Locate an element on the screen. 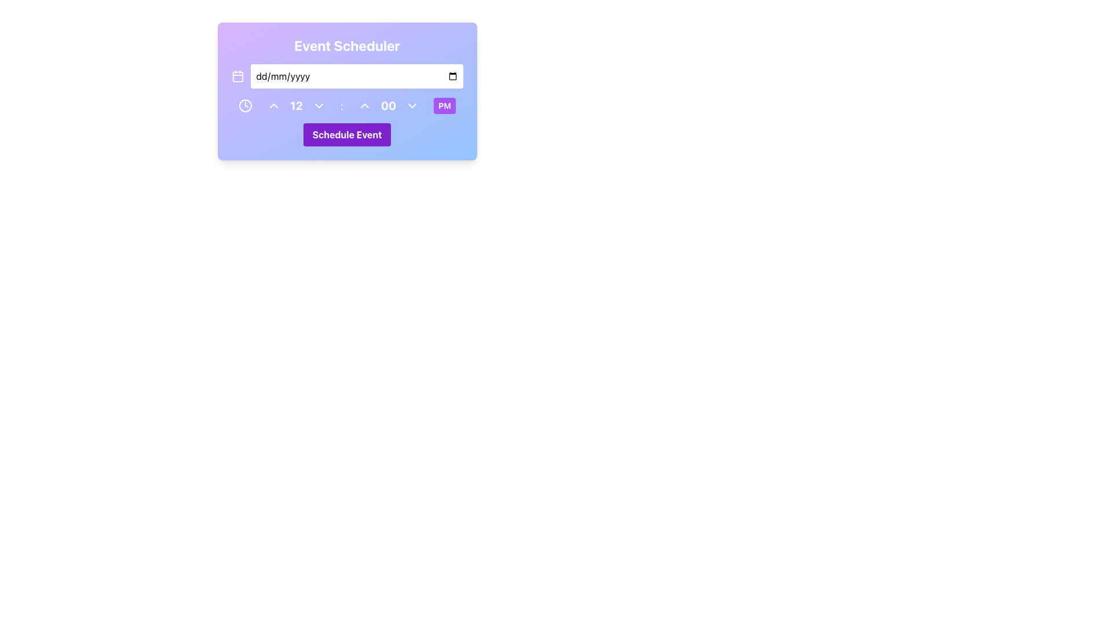 Image resolution: width=1112 pixels, height=625 pixels. the toggle button located on the far right of the time configuration component to switch between AM and PM is located at coordinates (444, 105).